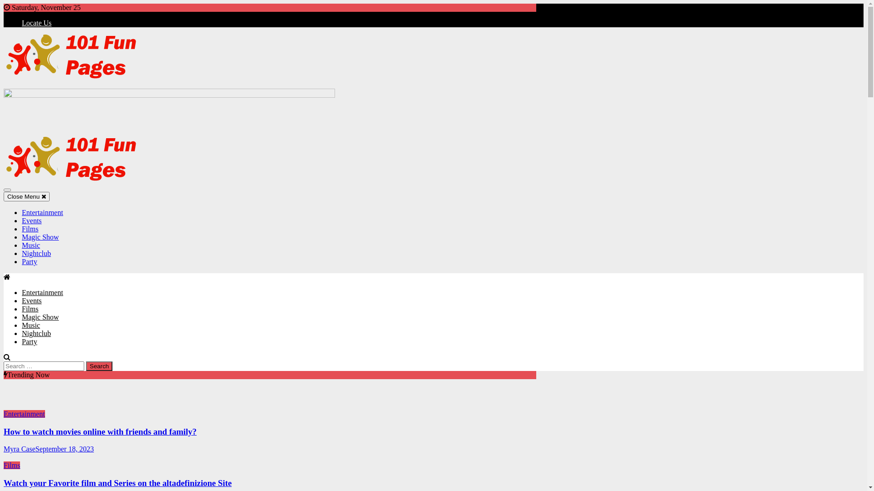  What do you see at coordinates (30, 341) in the screenshot?
I see `'Party'` at bounding box center [30, 341].